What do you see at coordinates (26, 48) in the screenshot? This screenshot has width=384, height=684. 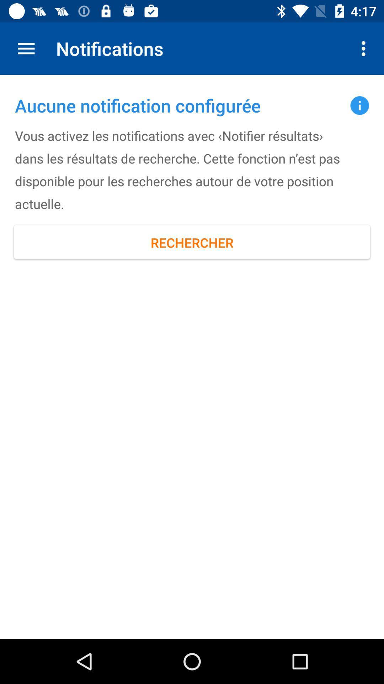 I see `icon to the left of notifications` at bounding box center [26, 48].